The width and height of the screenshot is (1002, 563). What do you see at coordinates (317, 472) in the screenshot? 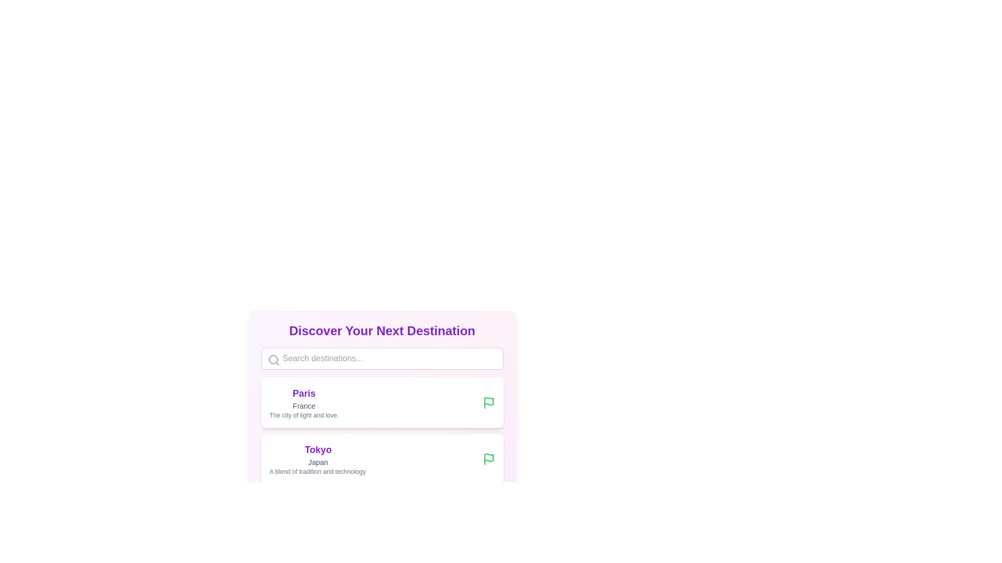
I see `the text label that reads 'A blend of tradition and technology.' which is located below 'Tokyo' and 'Japan' in a descriptive card` at bounding box center [317, 472].